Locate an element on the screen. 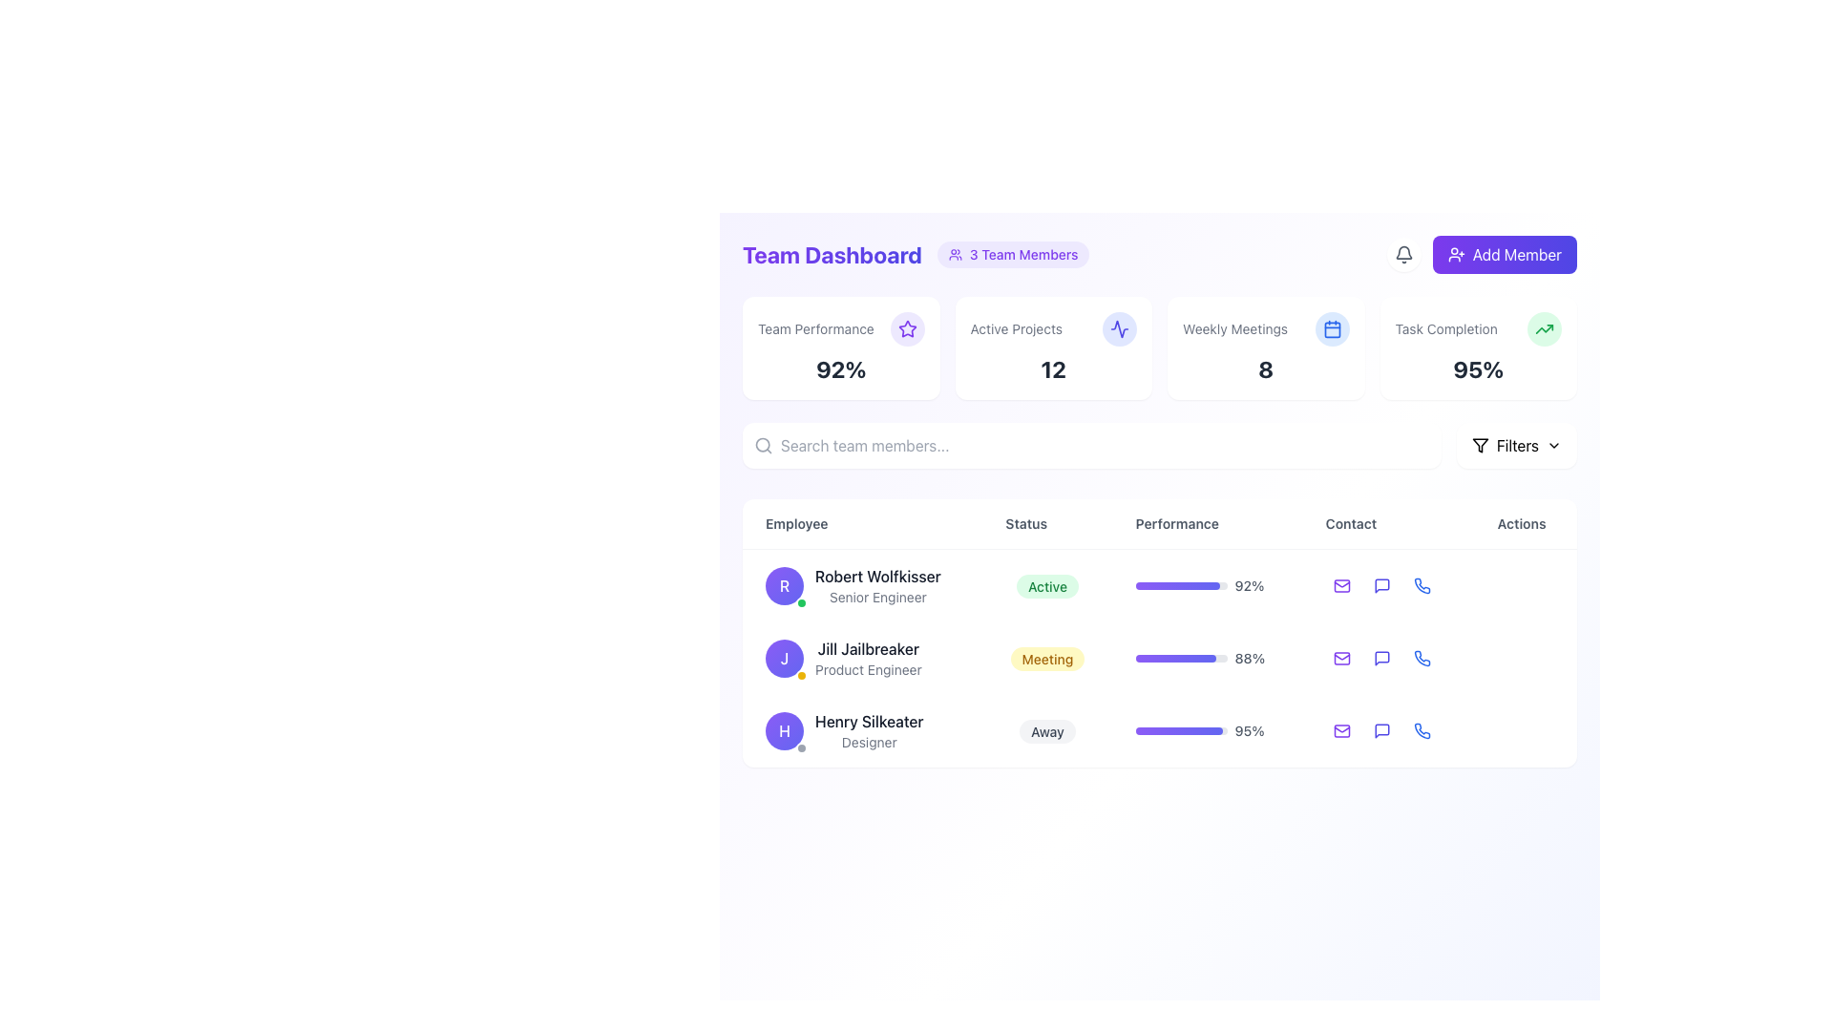 Image resolution: width=1833 pixels, height=1031 pixels. the status indicator or badge located in the bottom-right corner of the purple circle labeled 'H' in the third row of the 'Employee' list section of the 'Team Dashboard' is located at coordinates (802, 747).